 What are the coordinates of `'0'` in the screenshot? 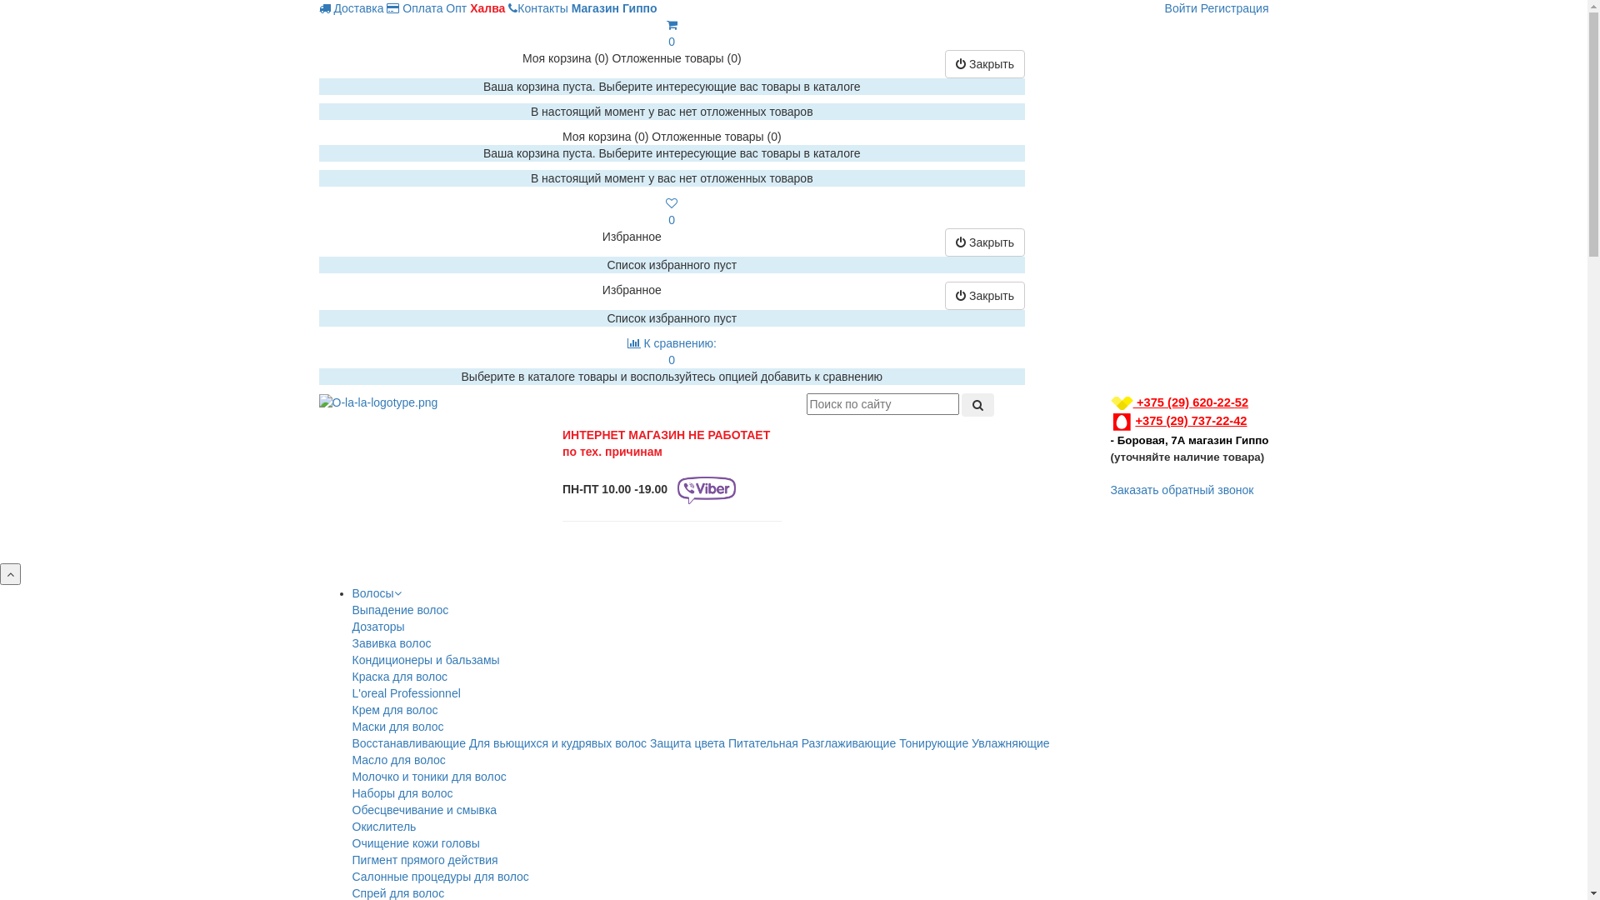 It's located at (672, 32).